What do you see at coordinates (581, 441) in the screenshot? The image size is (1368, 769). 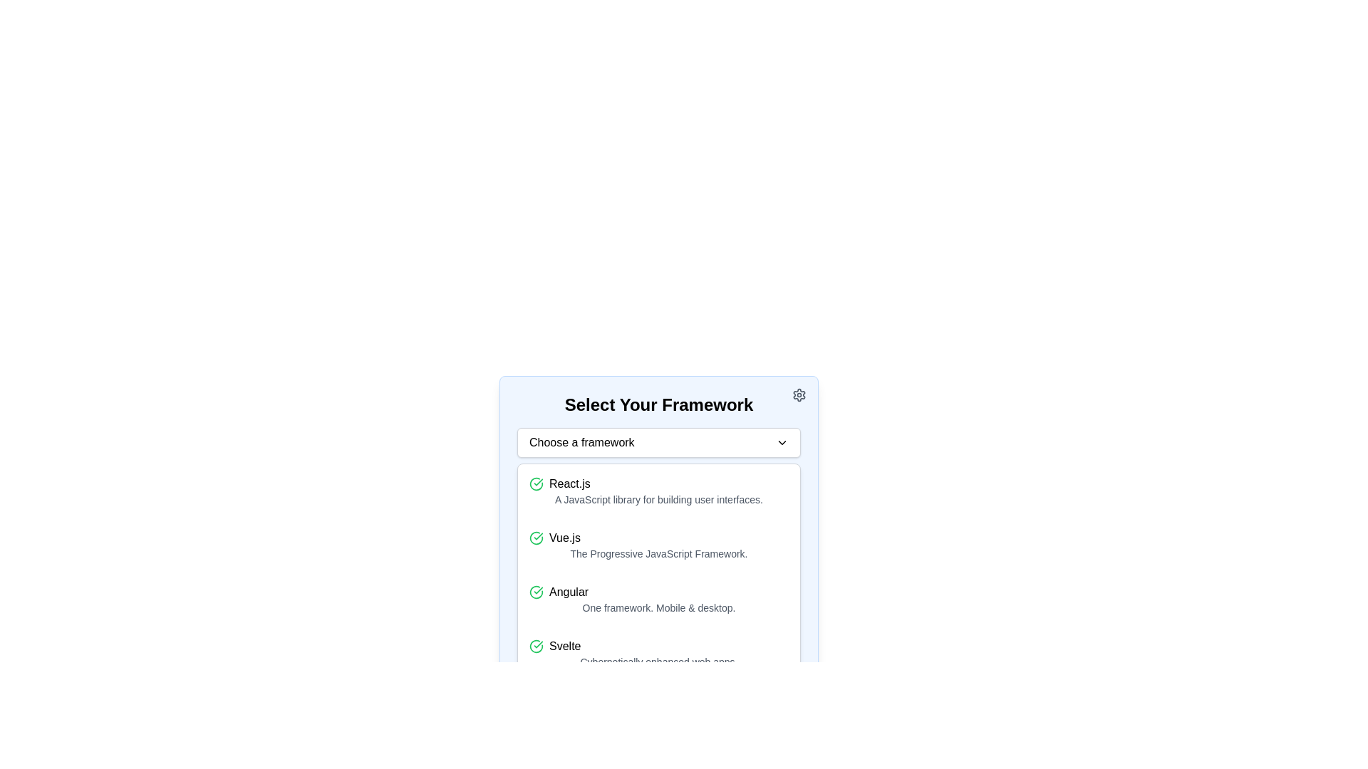 I see `the text label that serves as the current selection for the dropdown menu, located centrally in the dropdown's header section, to the left of the downward chevron icon` at bounding box center [581, 441].